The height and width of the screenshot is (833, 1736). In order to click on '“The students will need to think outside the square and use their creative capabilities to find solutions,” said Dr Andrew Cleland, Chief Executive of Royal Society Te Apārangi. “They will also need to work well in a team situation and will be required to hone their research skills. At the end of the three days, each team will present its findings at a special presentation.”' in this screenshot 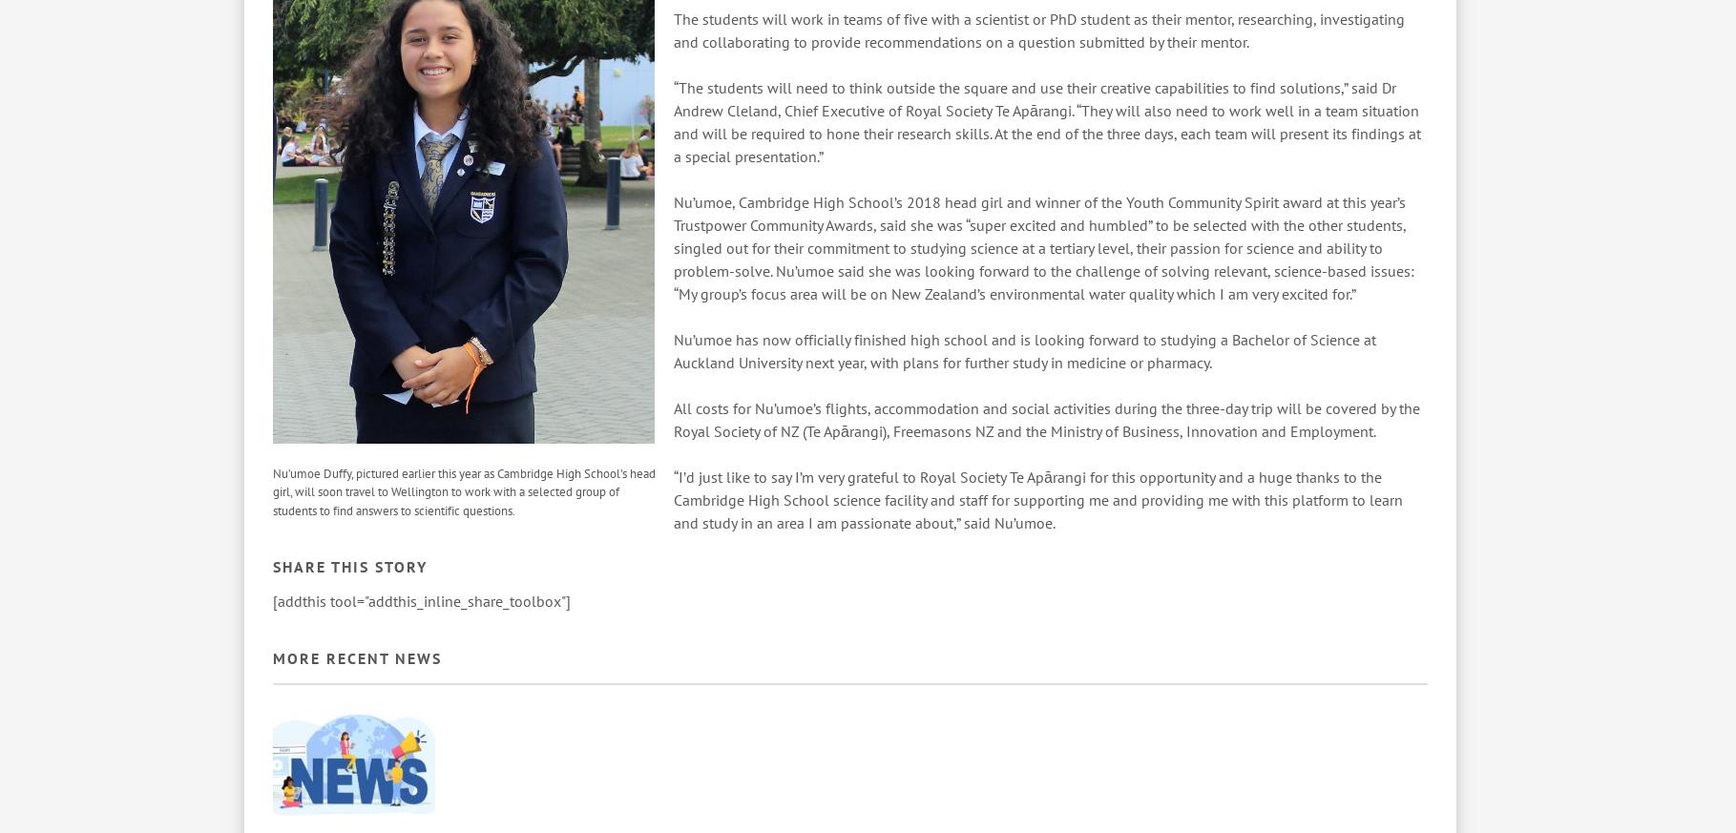, I will do `click(1046, 121)`.